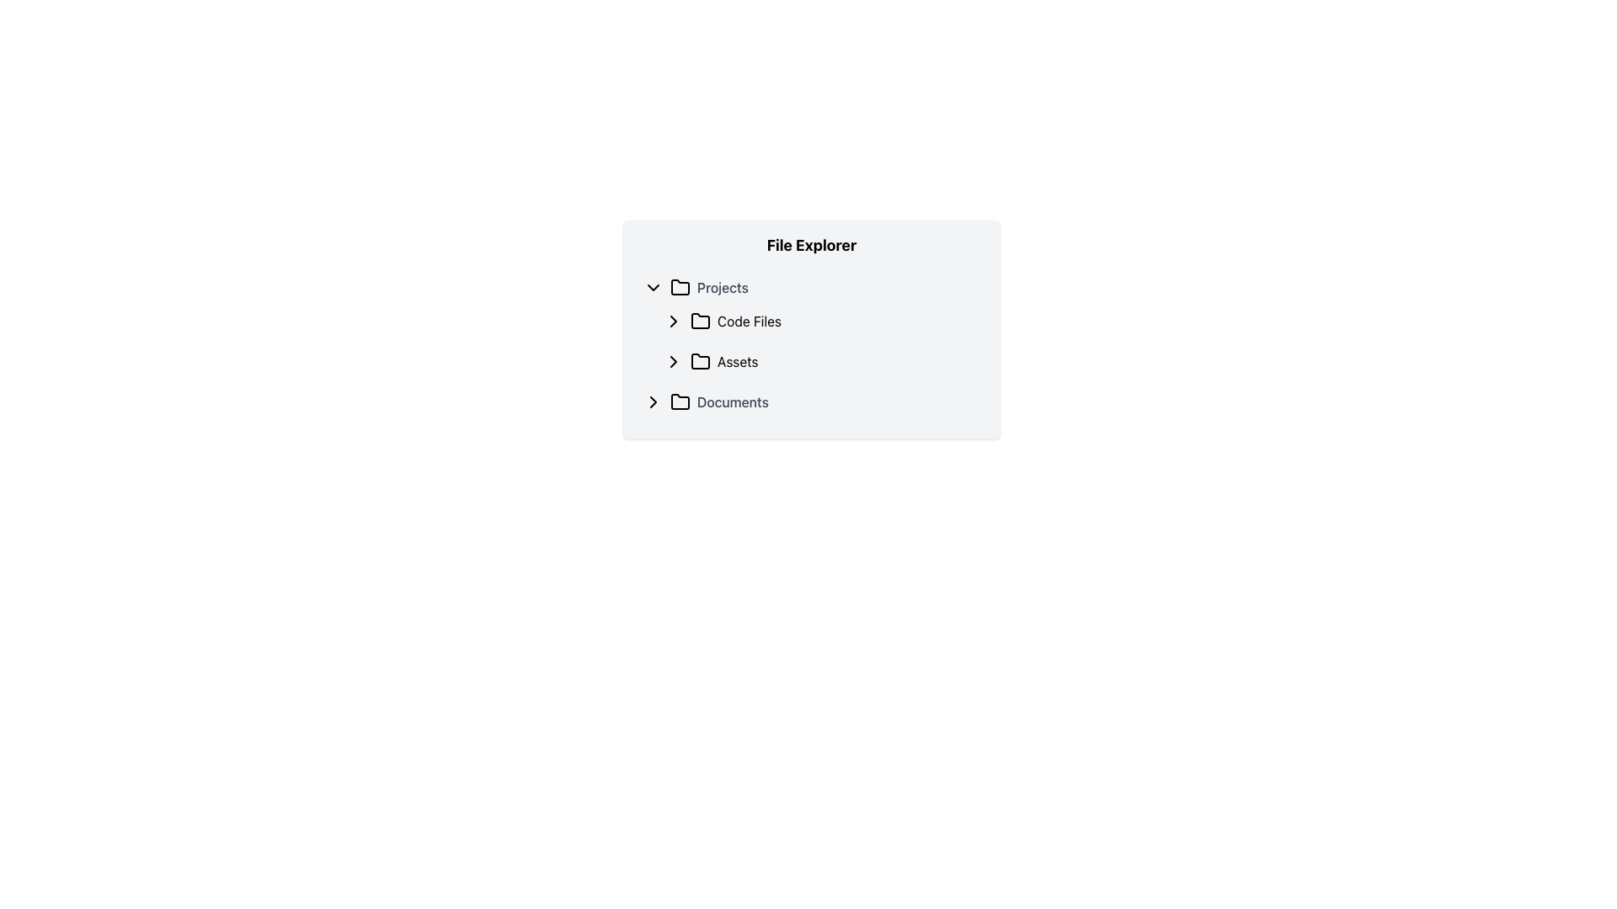  Describe the element at coordinates (812, 287) in the screenshot. I see `the 'Projects' button` at that location.